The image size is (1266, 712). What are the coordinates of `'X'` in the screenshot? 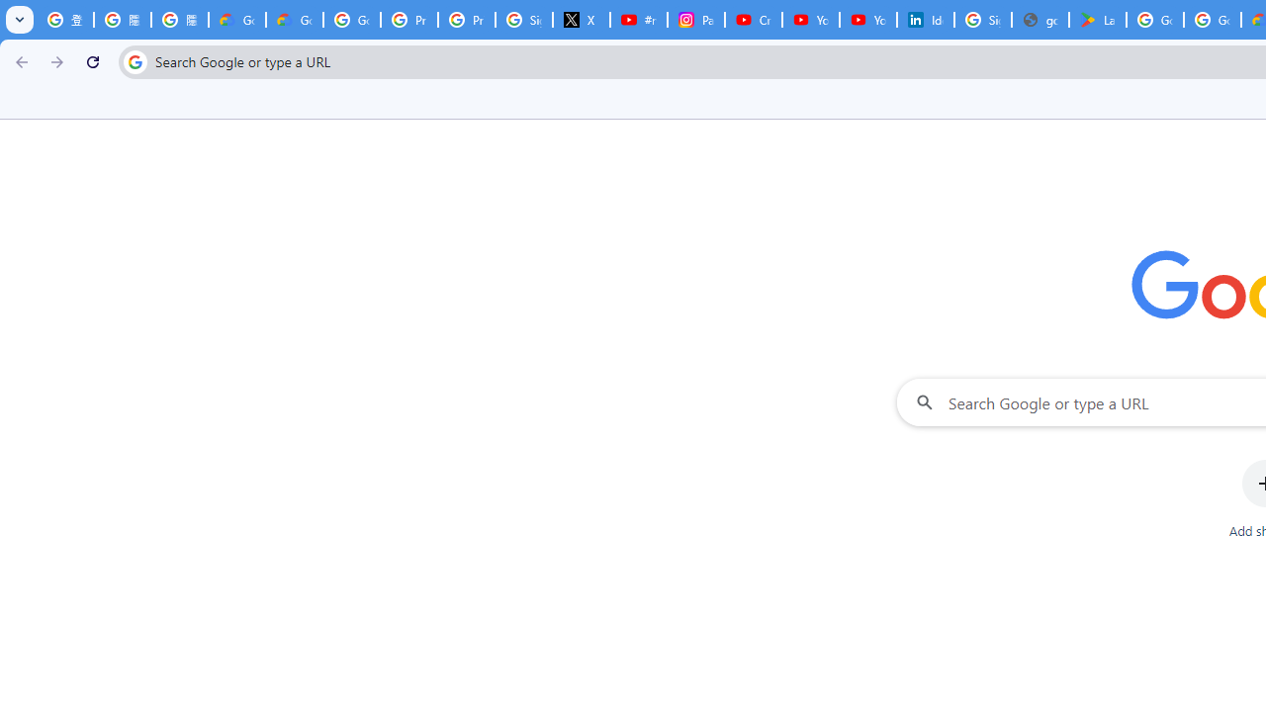 It's located at (581, 20).